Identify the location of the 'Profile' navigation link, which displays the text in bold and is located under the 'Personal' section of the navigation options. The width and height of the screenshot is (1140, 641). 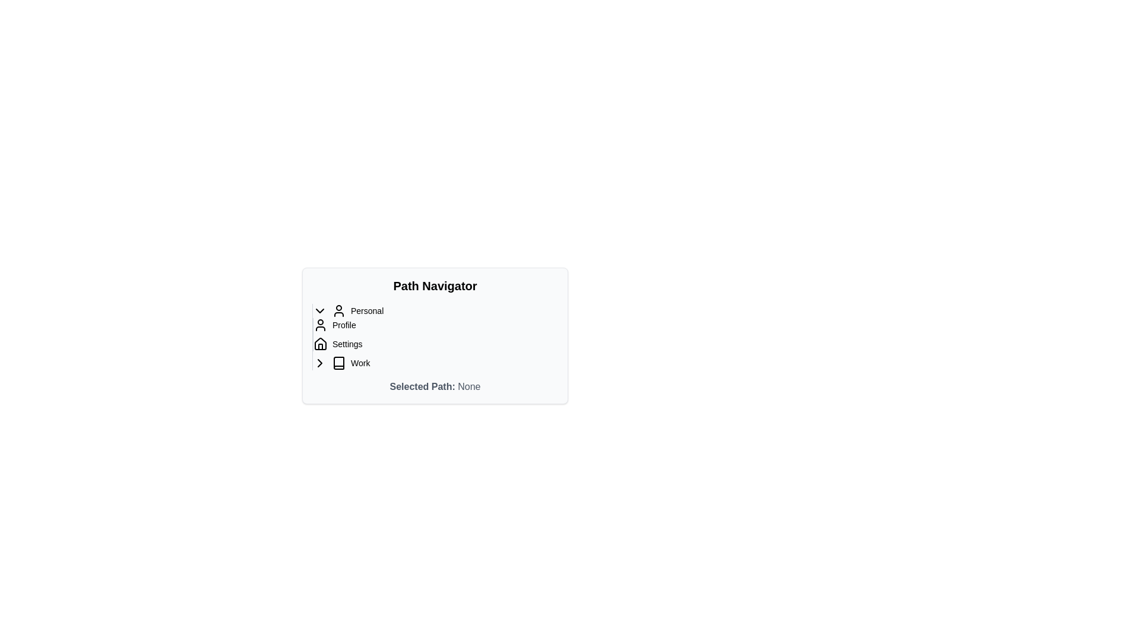
(334, 325).